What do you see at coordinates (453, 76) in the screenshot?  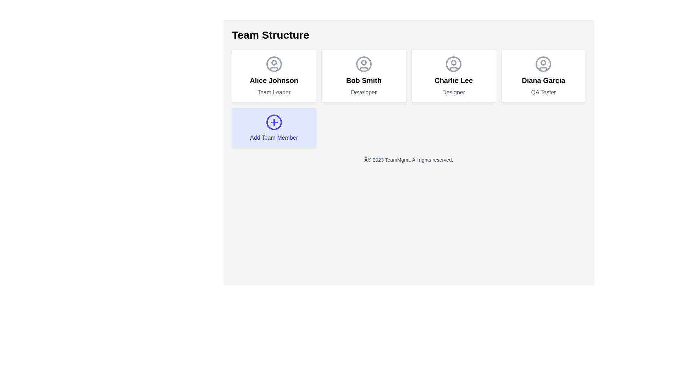 I see `the Profile card displaying information about team member Charlie Lee, who is a Designer, located in the middle-right of the grid layout` at bounding box center [453, 76].